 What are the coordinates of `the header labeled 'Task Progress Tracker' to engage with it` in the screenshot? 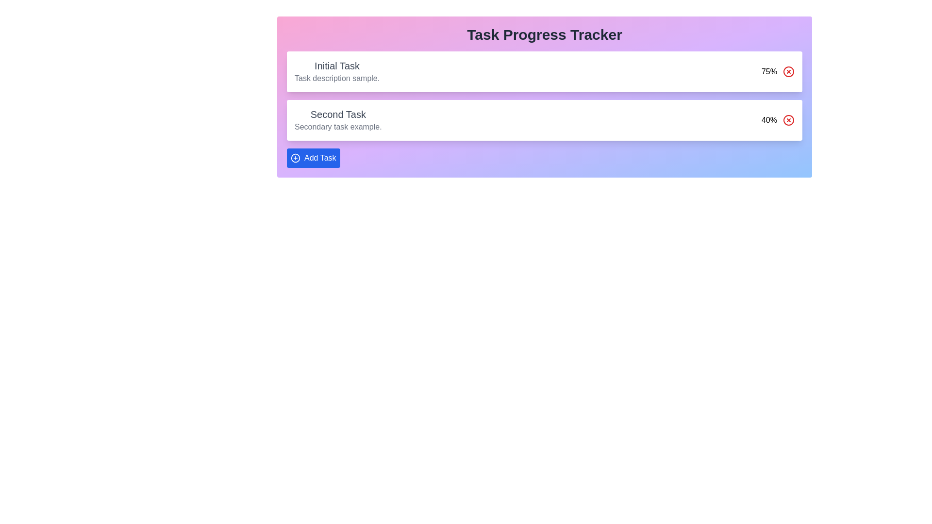 It's located at (545, 34).